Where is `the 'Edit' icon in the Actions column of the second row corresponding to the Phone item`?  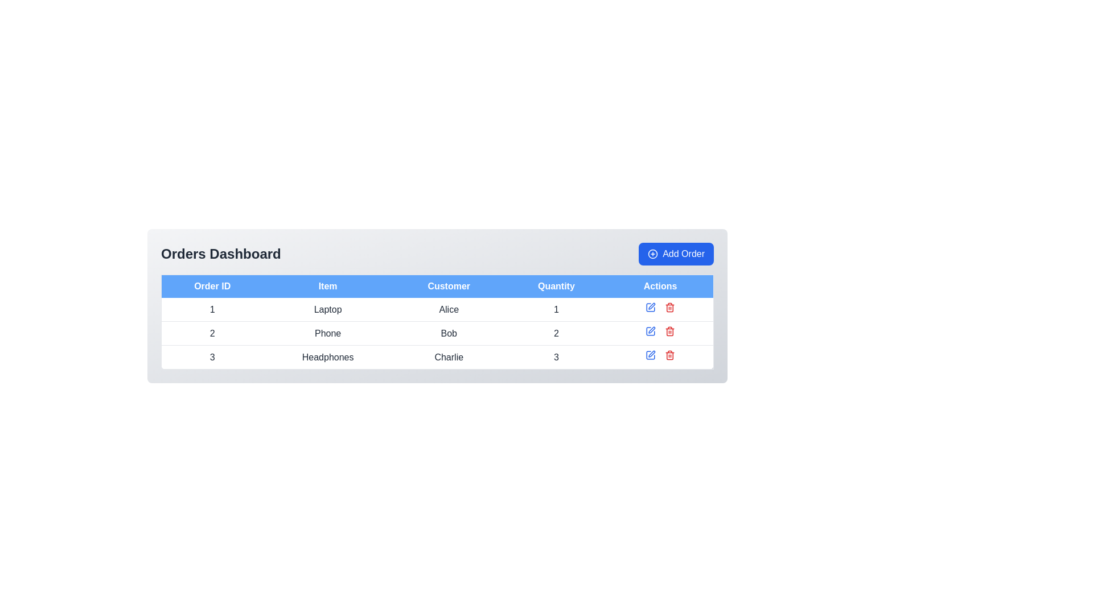 the 'Edit' icon in the Actions column of the second row corresponding to the Phone item is located at coordinates (651, 331).